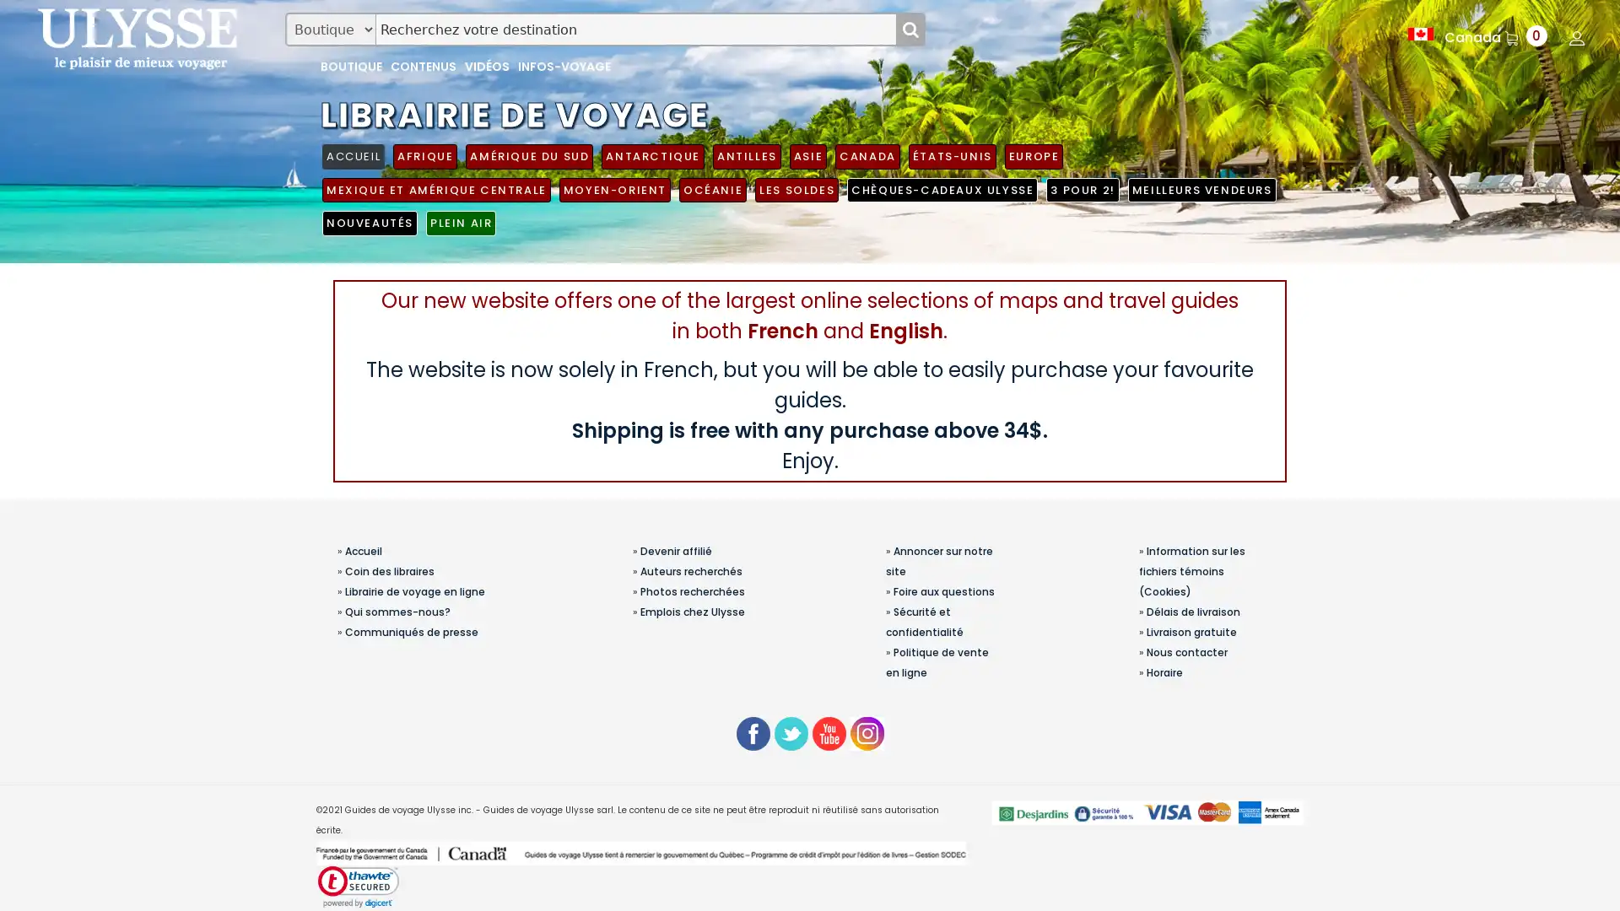 This screenshot has height=911, width=1620. Describe the element at coordinates (528, 156) in the screenshot. I see `AMERIQUE DU SUD` at that location.